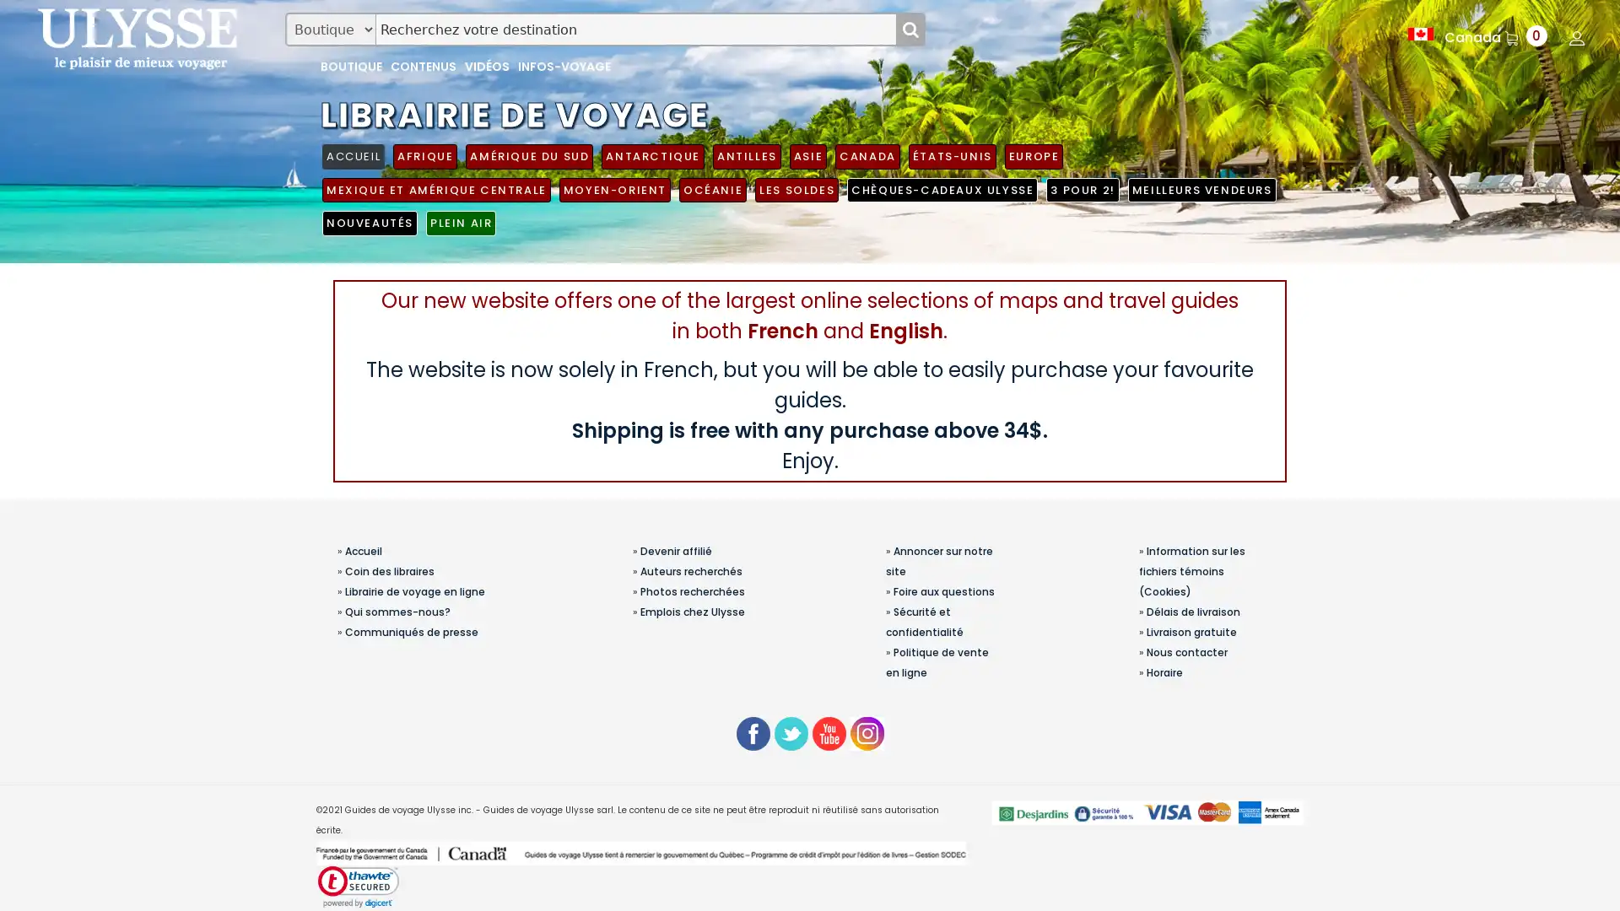 This screenshot has height=911, width=1620. Describe the element at coordinates (528, 156) in the screenshot. I see `AMERIQUE DU SUD` at that location.